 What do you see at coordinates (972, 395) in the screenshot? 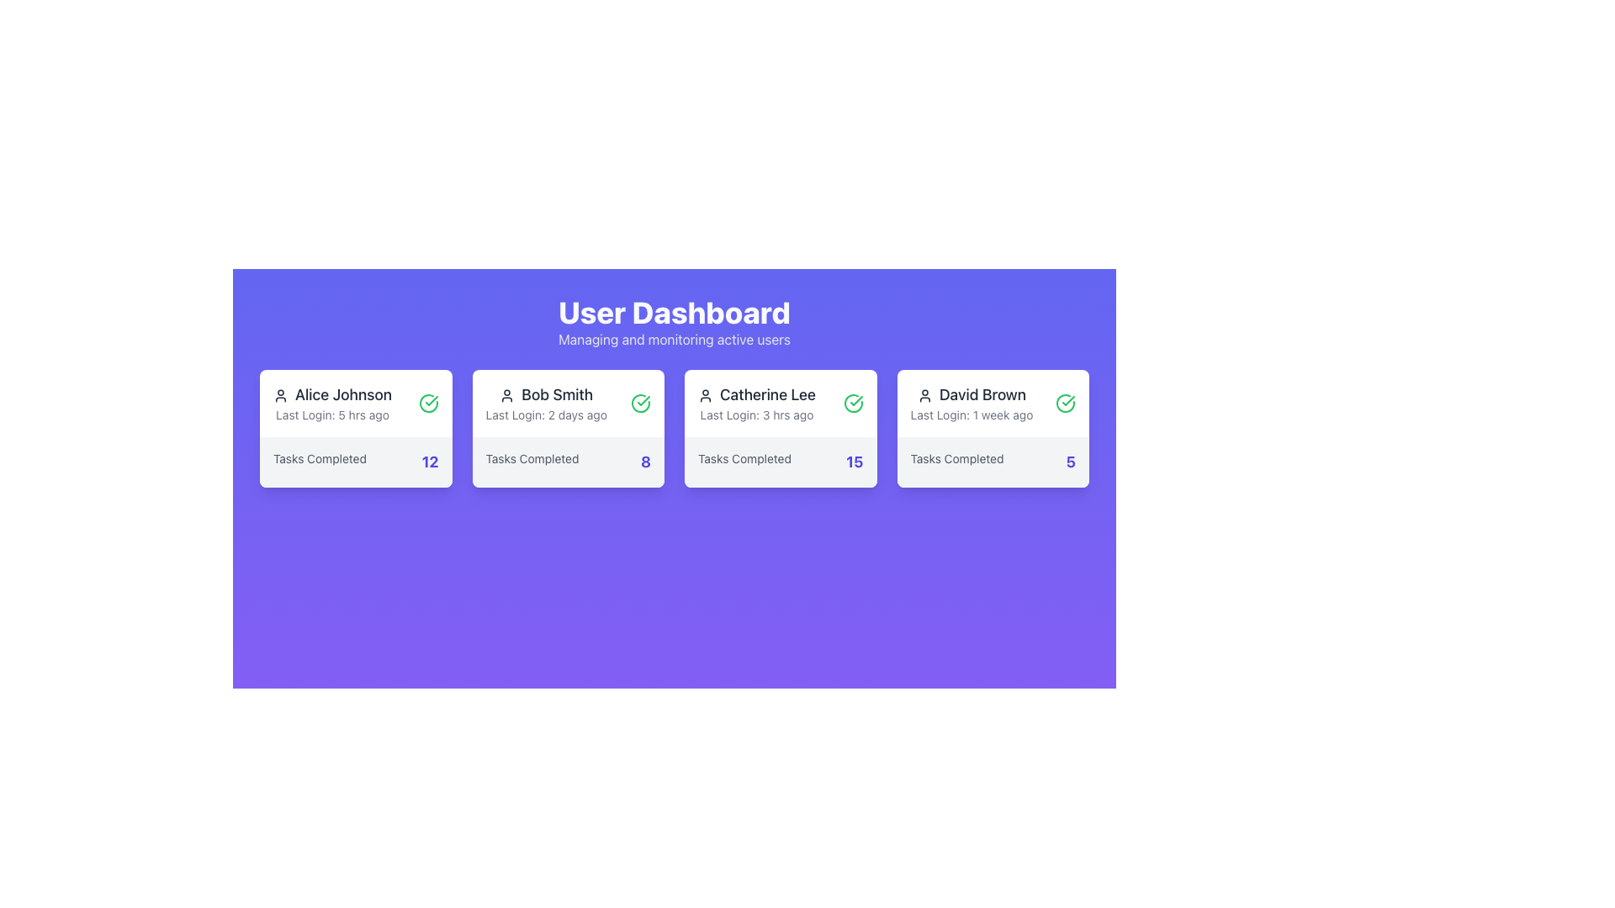
I see `text label displaying the name 'David Brown', which is styled in dark gray and is part of the user card under the 'User Dashboard'` at bounding box center [972, 395].